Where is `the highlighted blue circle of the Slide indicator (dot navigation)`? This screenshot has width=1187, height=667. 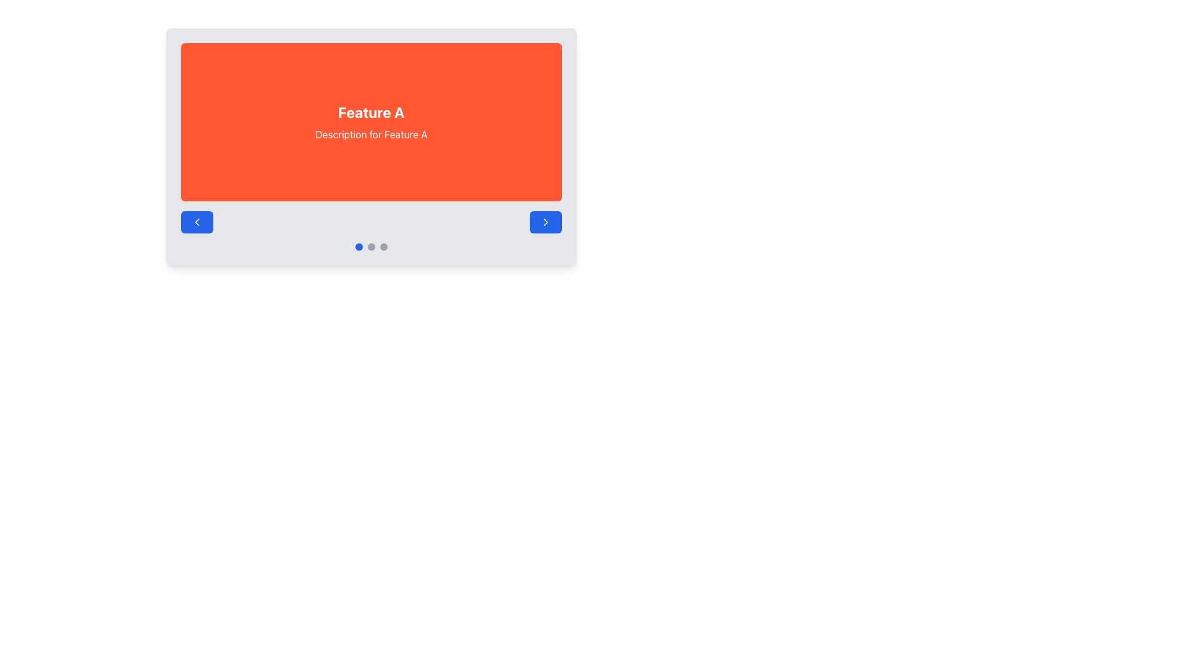 the highlighted blue circle of the Slide indicator (dot navigation) is located at coordinates (370, 247).